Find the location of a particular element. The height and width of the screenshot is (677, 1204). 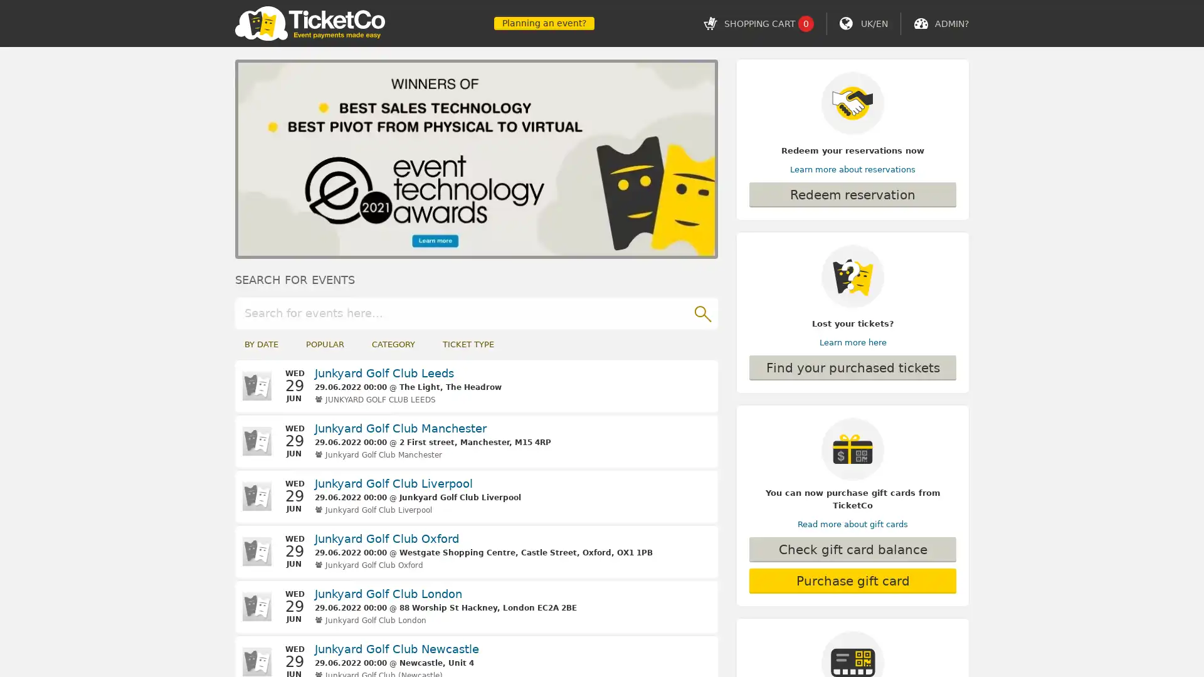

Find your purchased tickets is located at coordinates (852, 367).